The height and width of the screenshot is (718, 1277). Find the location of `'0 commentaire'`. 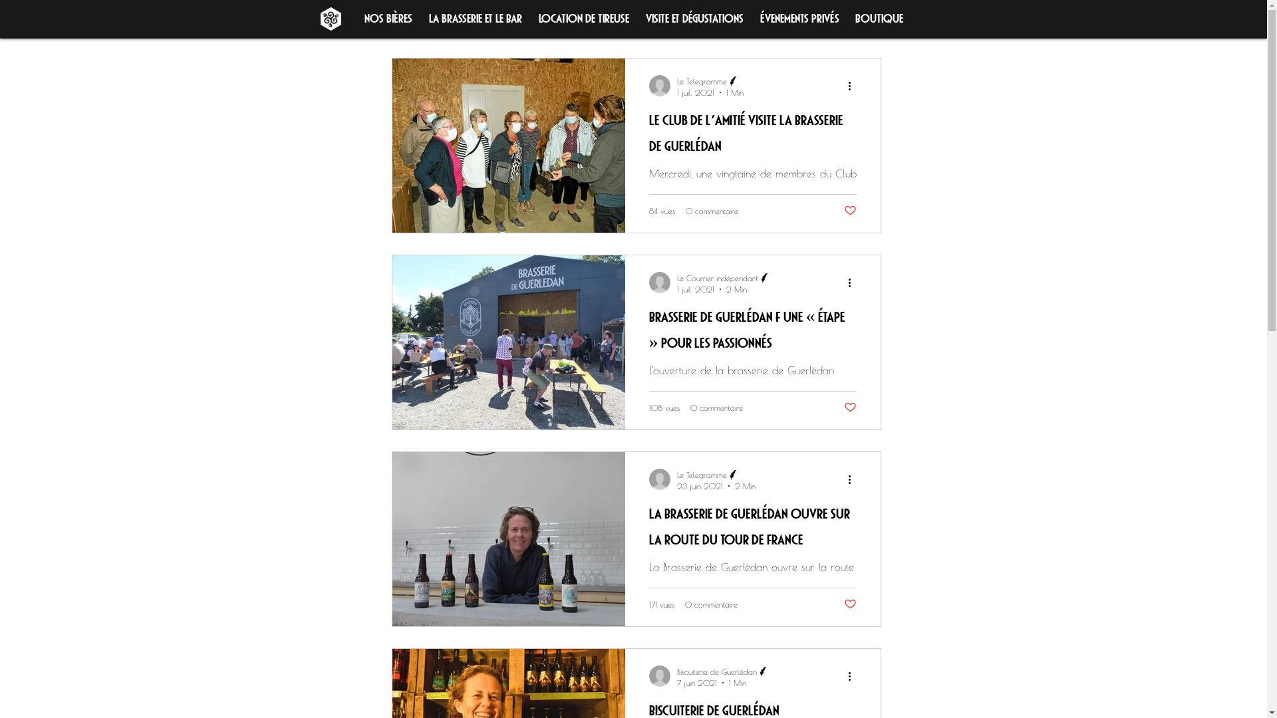

'0 commentaire' is located at coordinates (710, 604).